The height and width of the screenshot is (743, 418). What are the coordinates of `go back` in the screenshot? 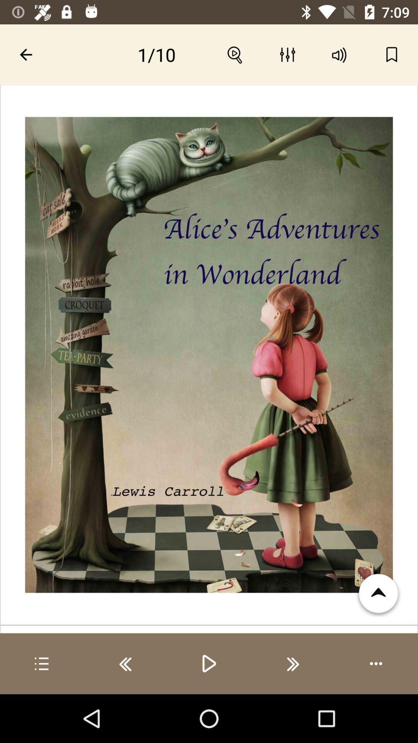 It's located at (125, 663).